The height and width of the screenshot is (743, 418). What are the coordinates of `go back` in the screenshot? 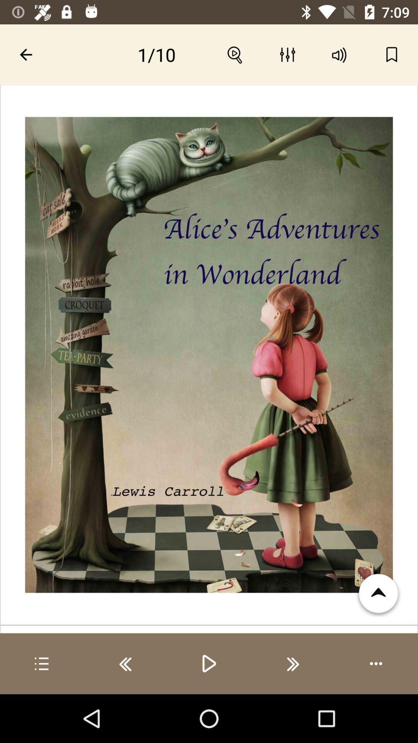 It's located at (125, 663).